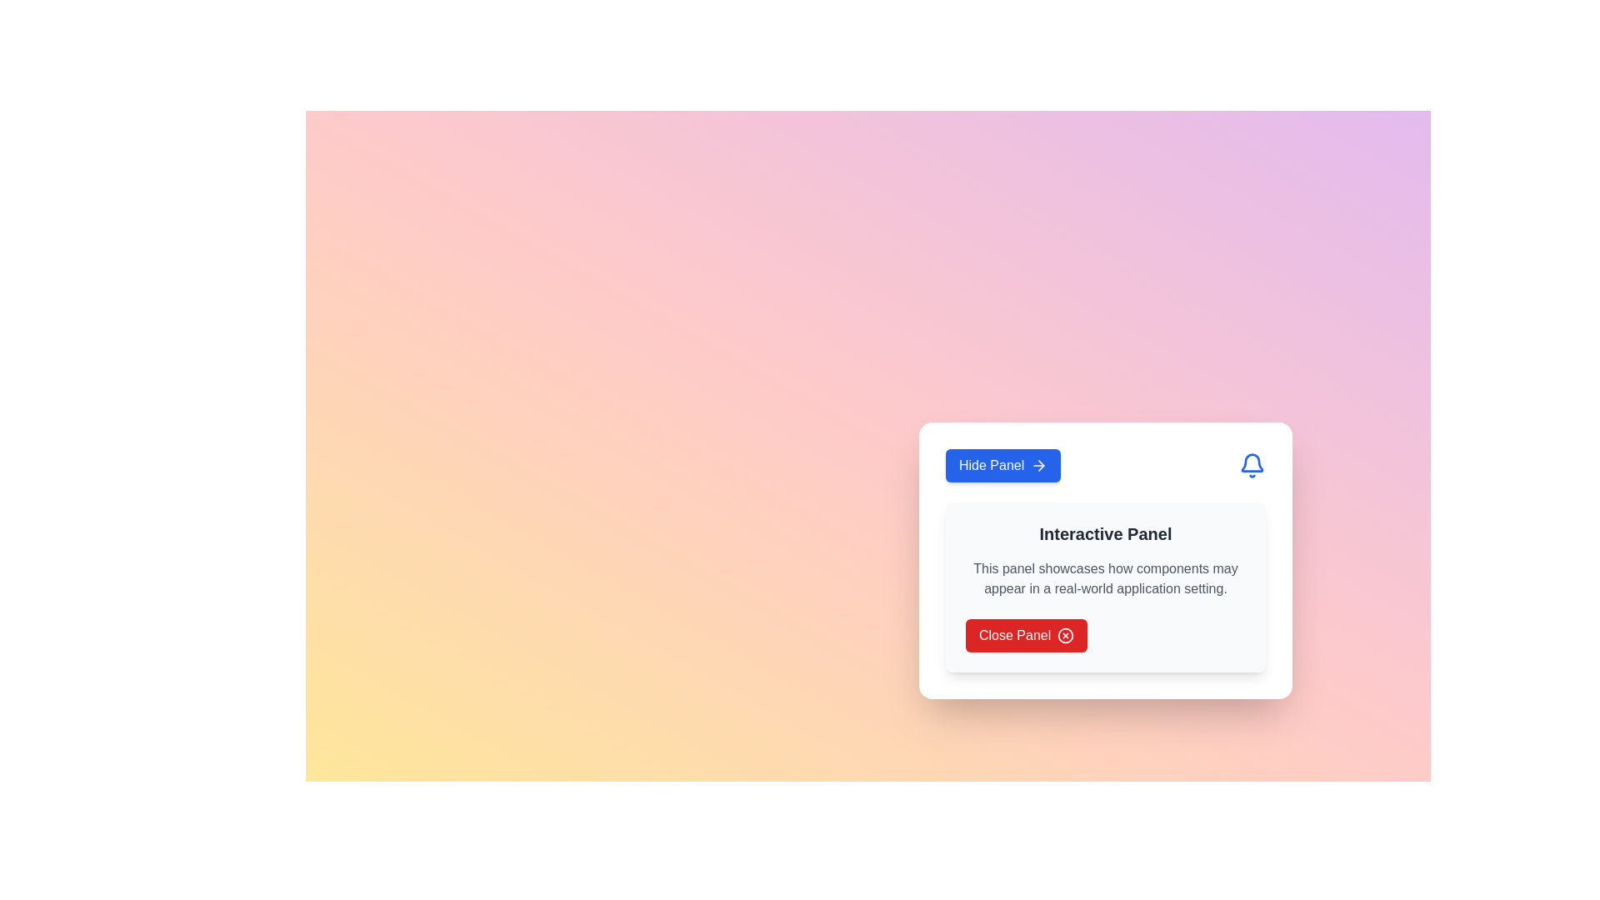  What do you see at coordinates (1105, 560) in the screenshot?
I see `information displayed in the 'Interactive Panel' modal, which includes a title and descriptive text` at bounding box center [1105, 560].